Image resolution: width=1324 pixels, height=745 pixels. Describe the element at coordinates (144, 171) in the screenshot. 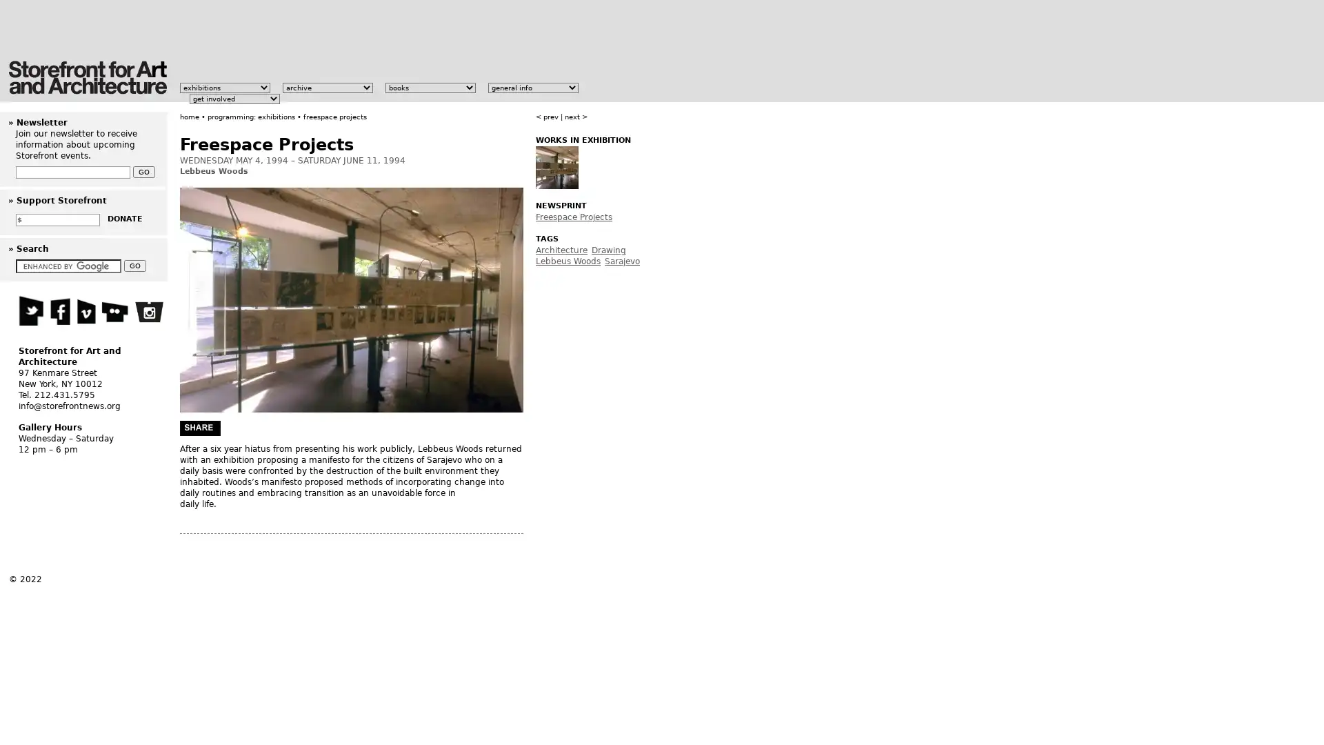

I see `GO` at that location.